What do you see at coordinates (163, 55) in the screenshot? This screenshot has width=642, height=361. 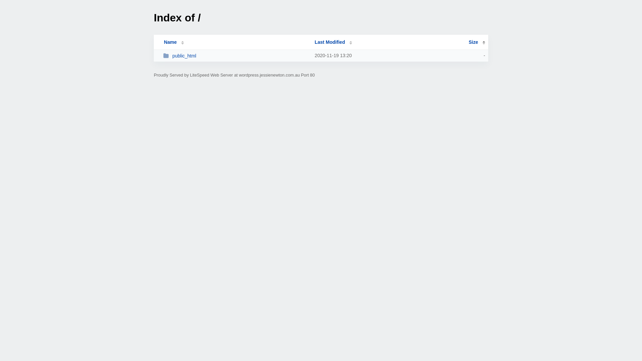 I see `'public_html'` at bounding box center [163, 55].